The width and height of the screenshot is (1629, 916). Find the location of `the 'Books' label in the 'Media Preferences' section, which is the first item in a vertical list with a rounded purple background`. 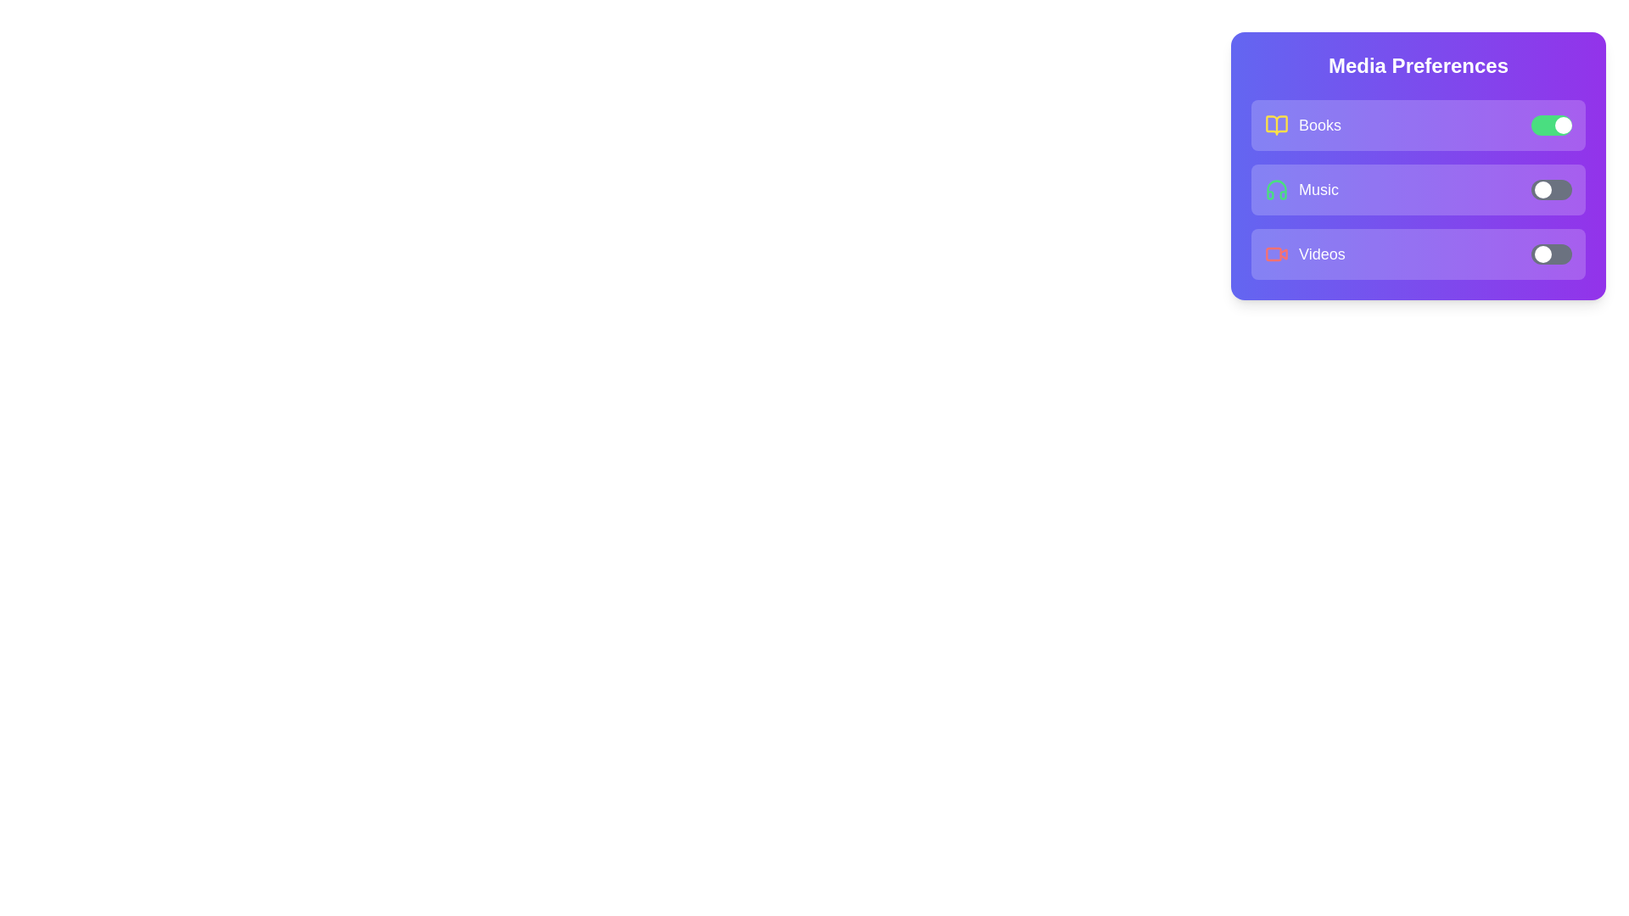

the 'Books' label in the 'Media Preferences' section, which is the first item in a vertical list with a rounded purple background is located at coordinates (1302, 124).